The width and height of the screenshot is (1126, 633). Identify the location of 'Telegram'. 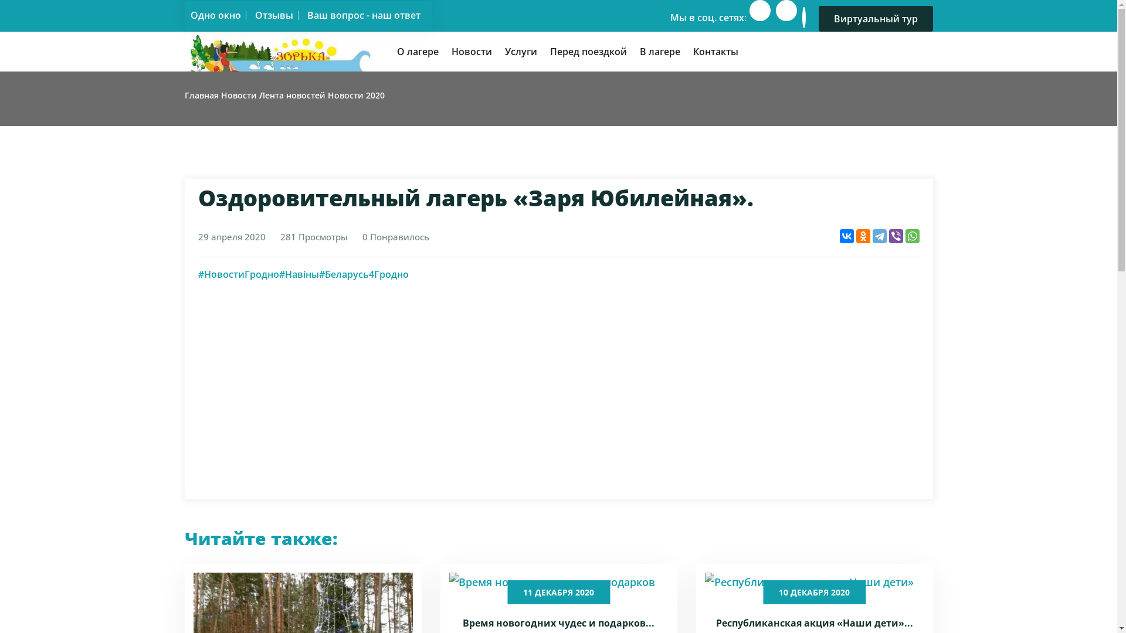
(879, 236).